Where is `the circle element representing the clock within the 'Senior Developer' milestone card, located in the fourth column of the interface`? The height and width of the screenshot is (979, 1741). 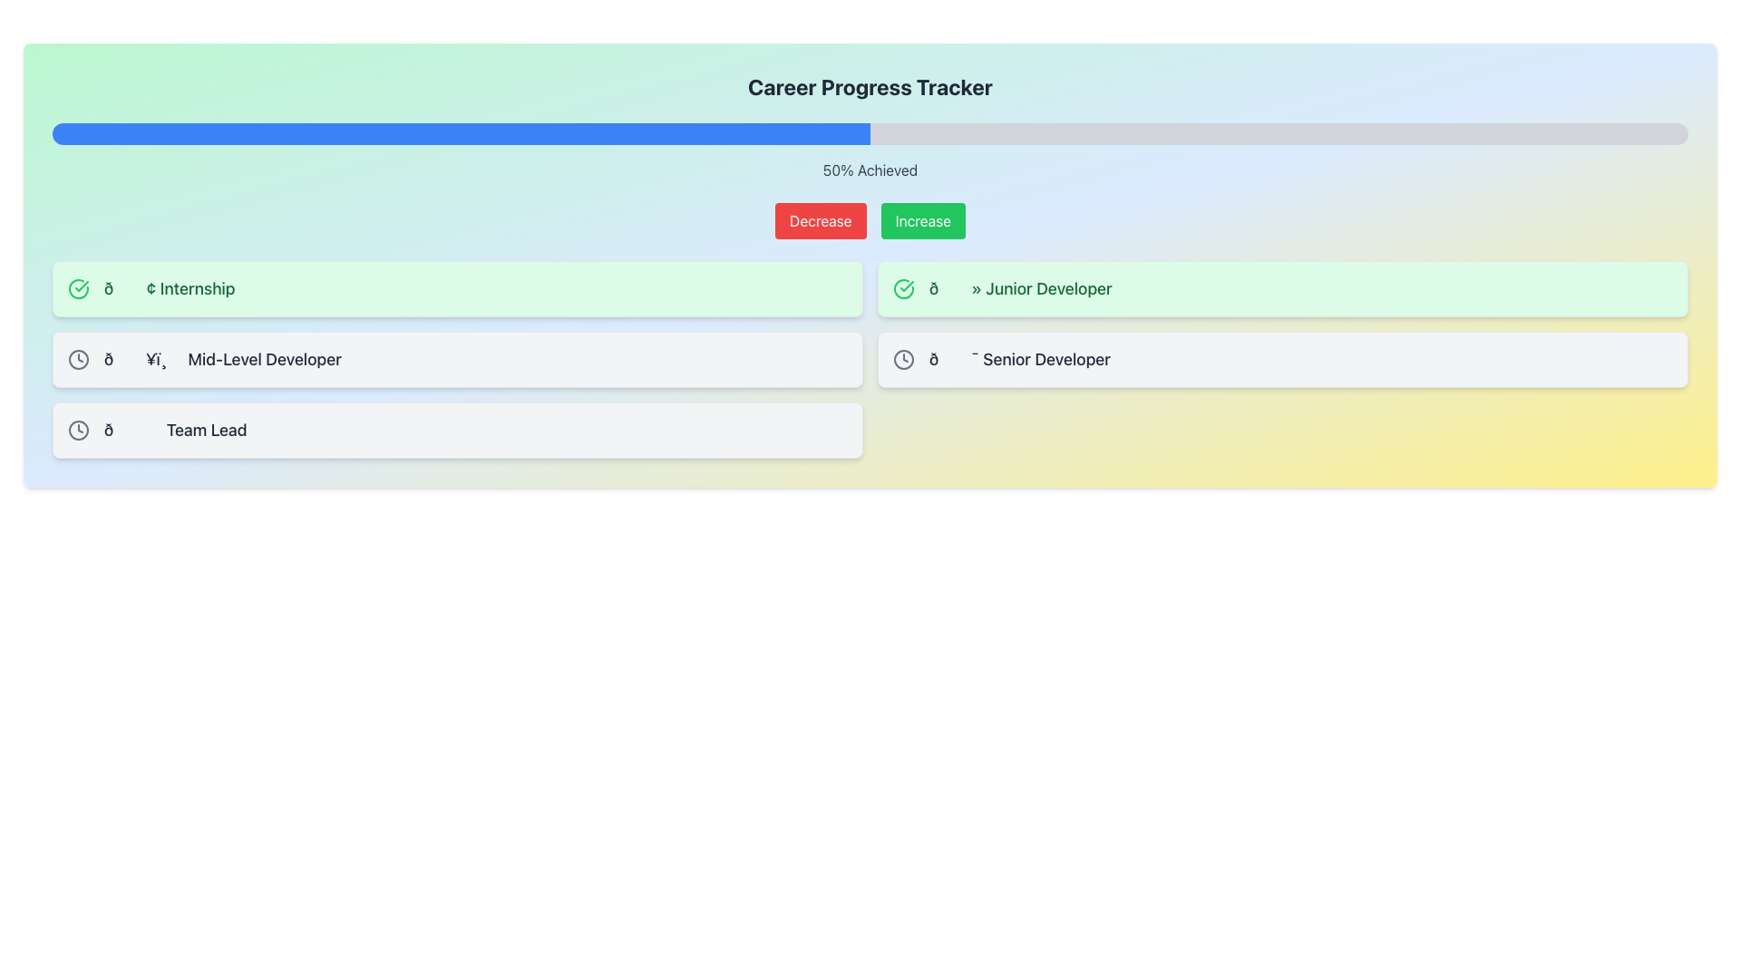 the circle element representing the clock within the 'Senior Developer' milestone card, located in the fourth column of the interface is located at coordinates (904, 360).